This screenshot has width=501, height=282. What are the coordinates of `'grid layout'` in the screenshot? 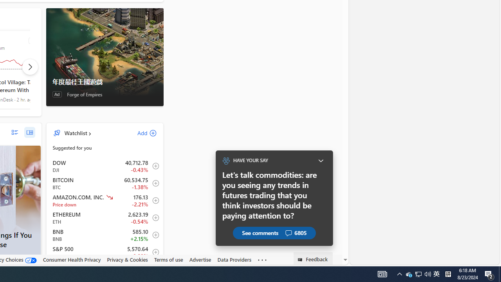 It's located at (29, 132).